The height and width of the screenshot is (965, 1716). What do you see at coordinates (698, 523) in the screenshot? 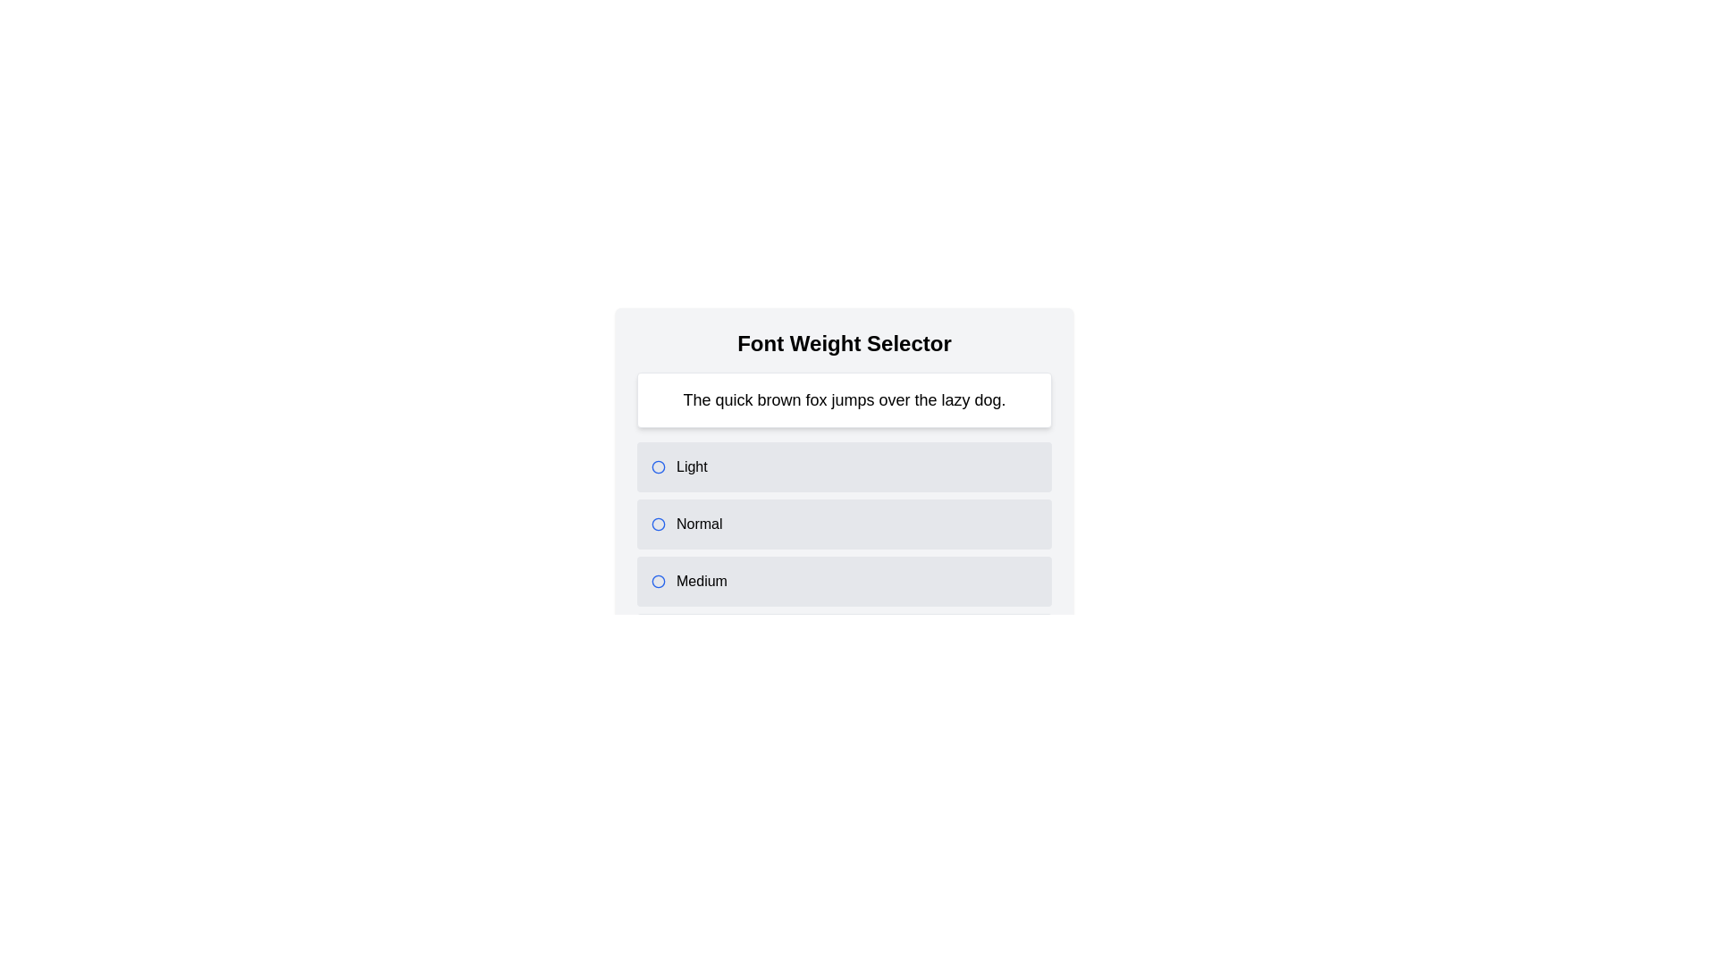
I see `text label that displays 'Normal' in black on a light gray background, positioned as the second option in the selectable group between 'Light' and 'Medium'` at bounding box center [698, 523].